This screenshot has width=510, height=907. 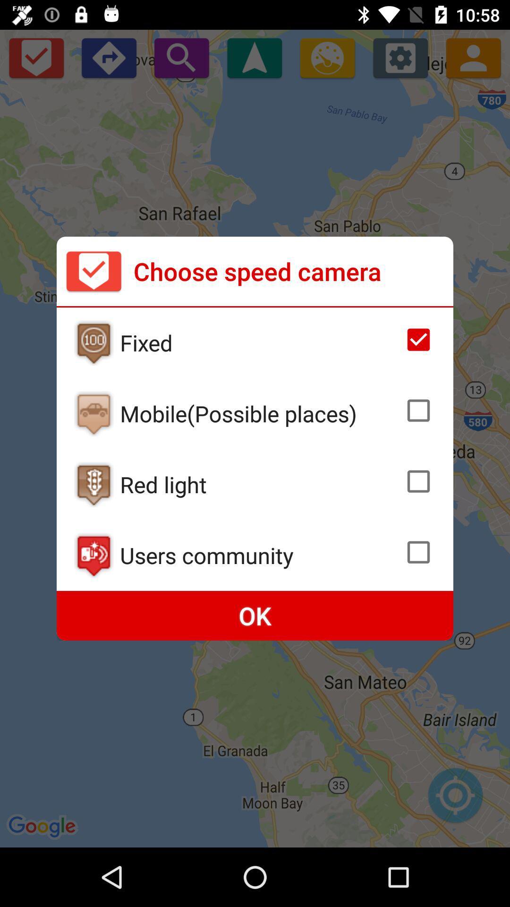 I want to click on ok at the bottom, so click(x=255, y=616).